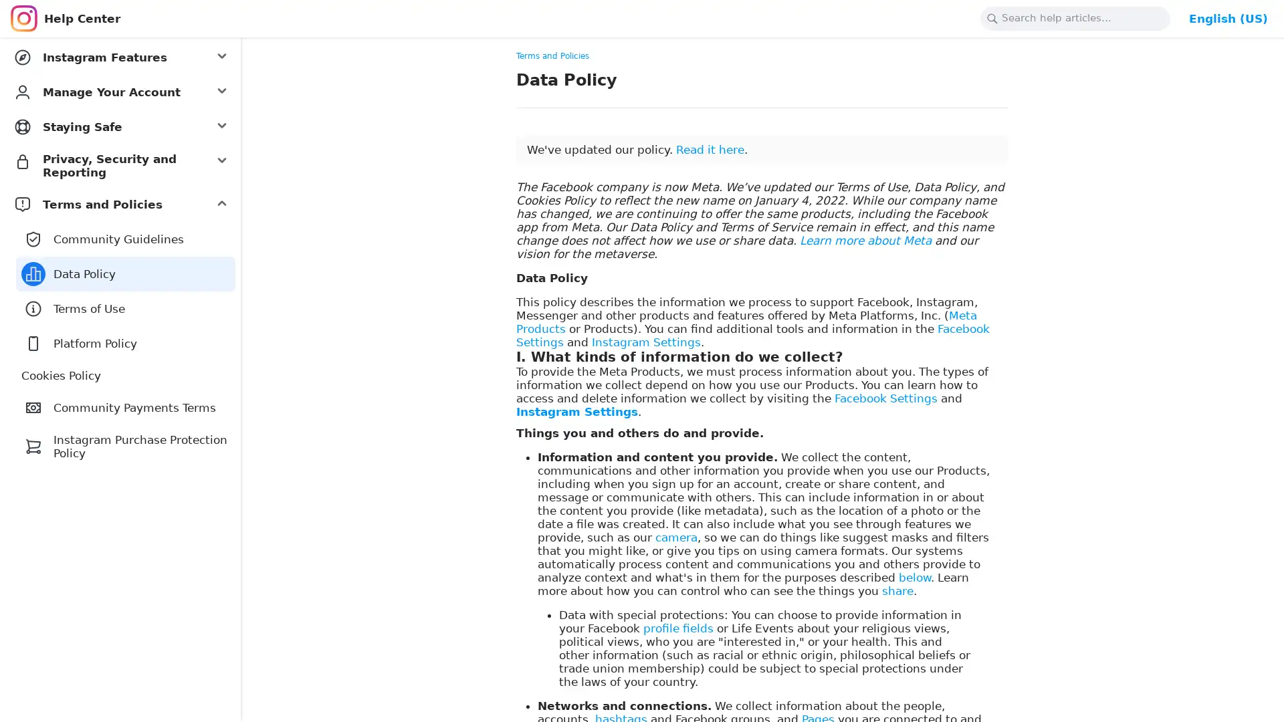 This screenshot has height=722, width=1284. What do you see at coordinates (120, 126) in the screenshot?
I see `Staying Safe` at bounding box center [120, 126].